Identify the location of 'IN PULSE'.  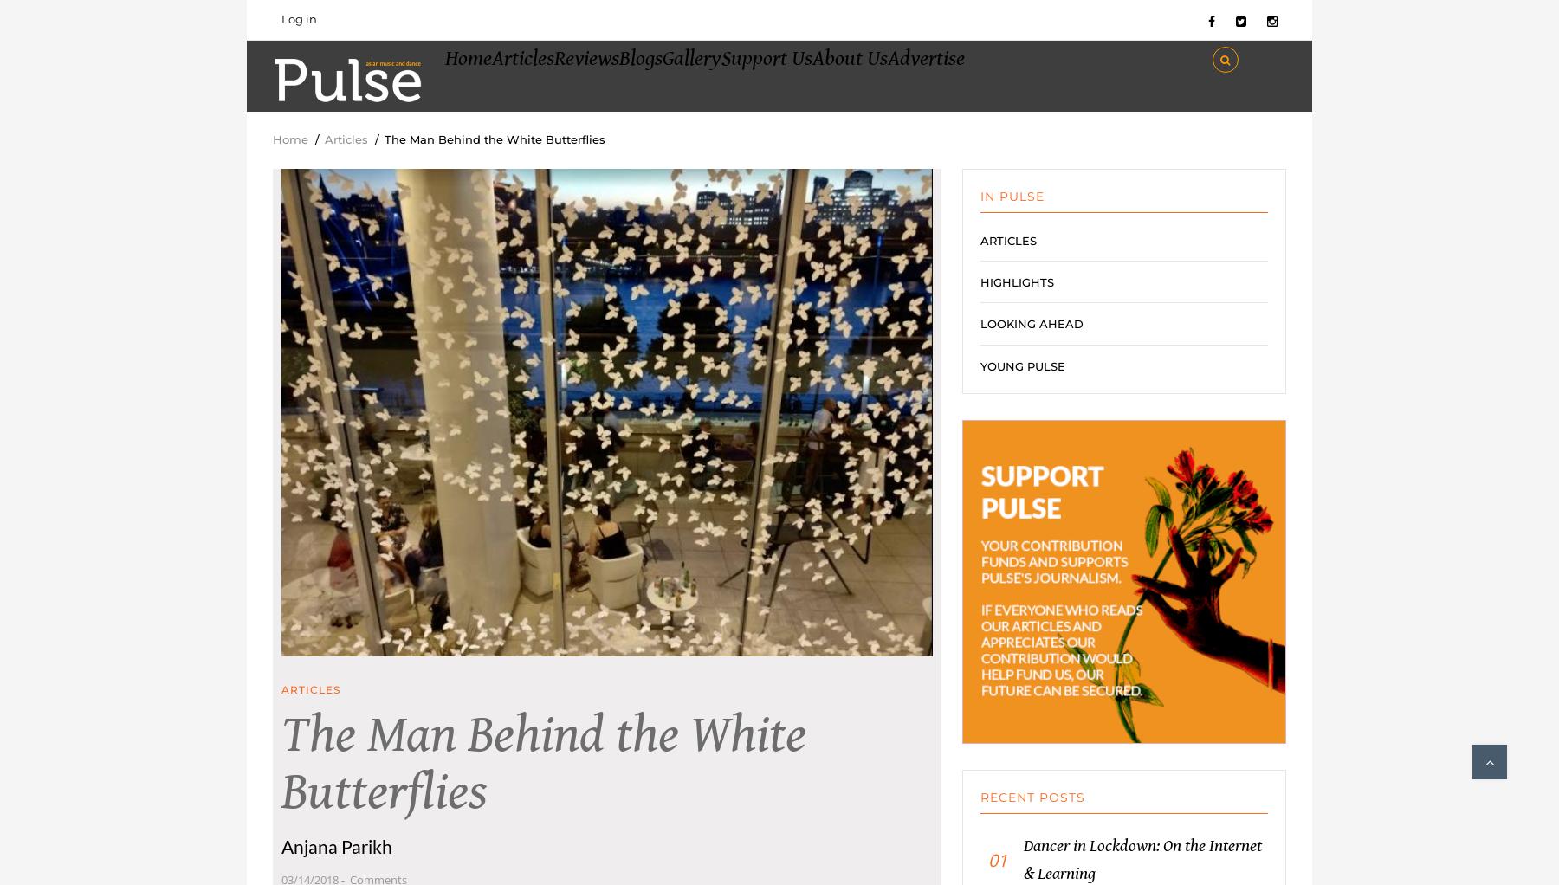
(1011, 210).